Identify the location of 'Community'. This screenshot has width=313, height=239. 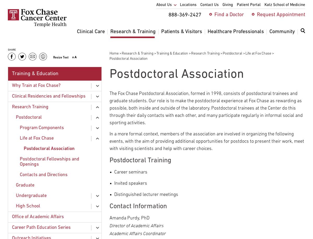
(282, 32).